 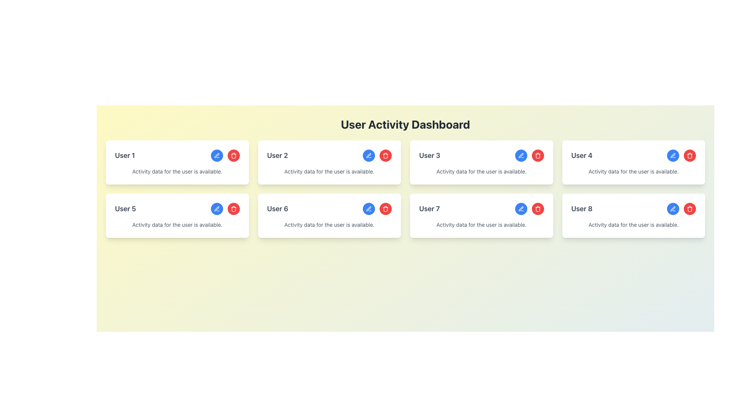 What do you see at coordinates (481, 224) in the screenshot?
I see `text label displaying 'Activity data for the user is available.' which is located within the card labeled 'User 7' in the bottom half of the card` at bounding box center [481, 224].